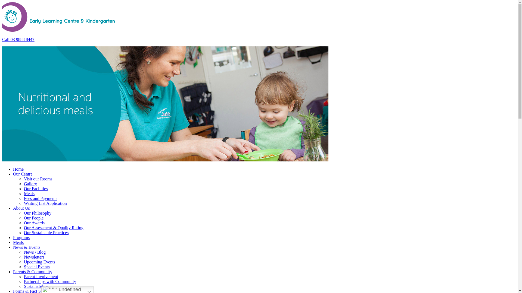  Describe the element at coordinates (40, 198) in the screenshot. I see `'Fees and Payments'` at that location.